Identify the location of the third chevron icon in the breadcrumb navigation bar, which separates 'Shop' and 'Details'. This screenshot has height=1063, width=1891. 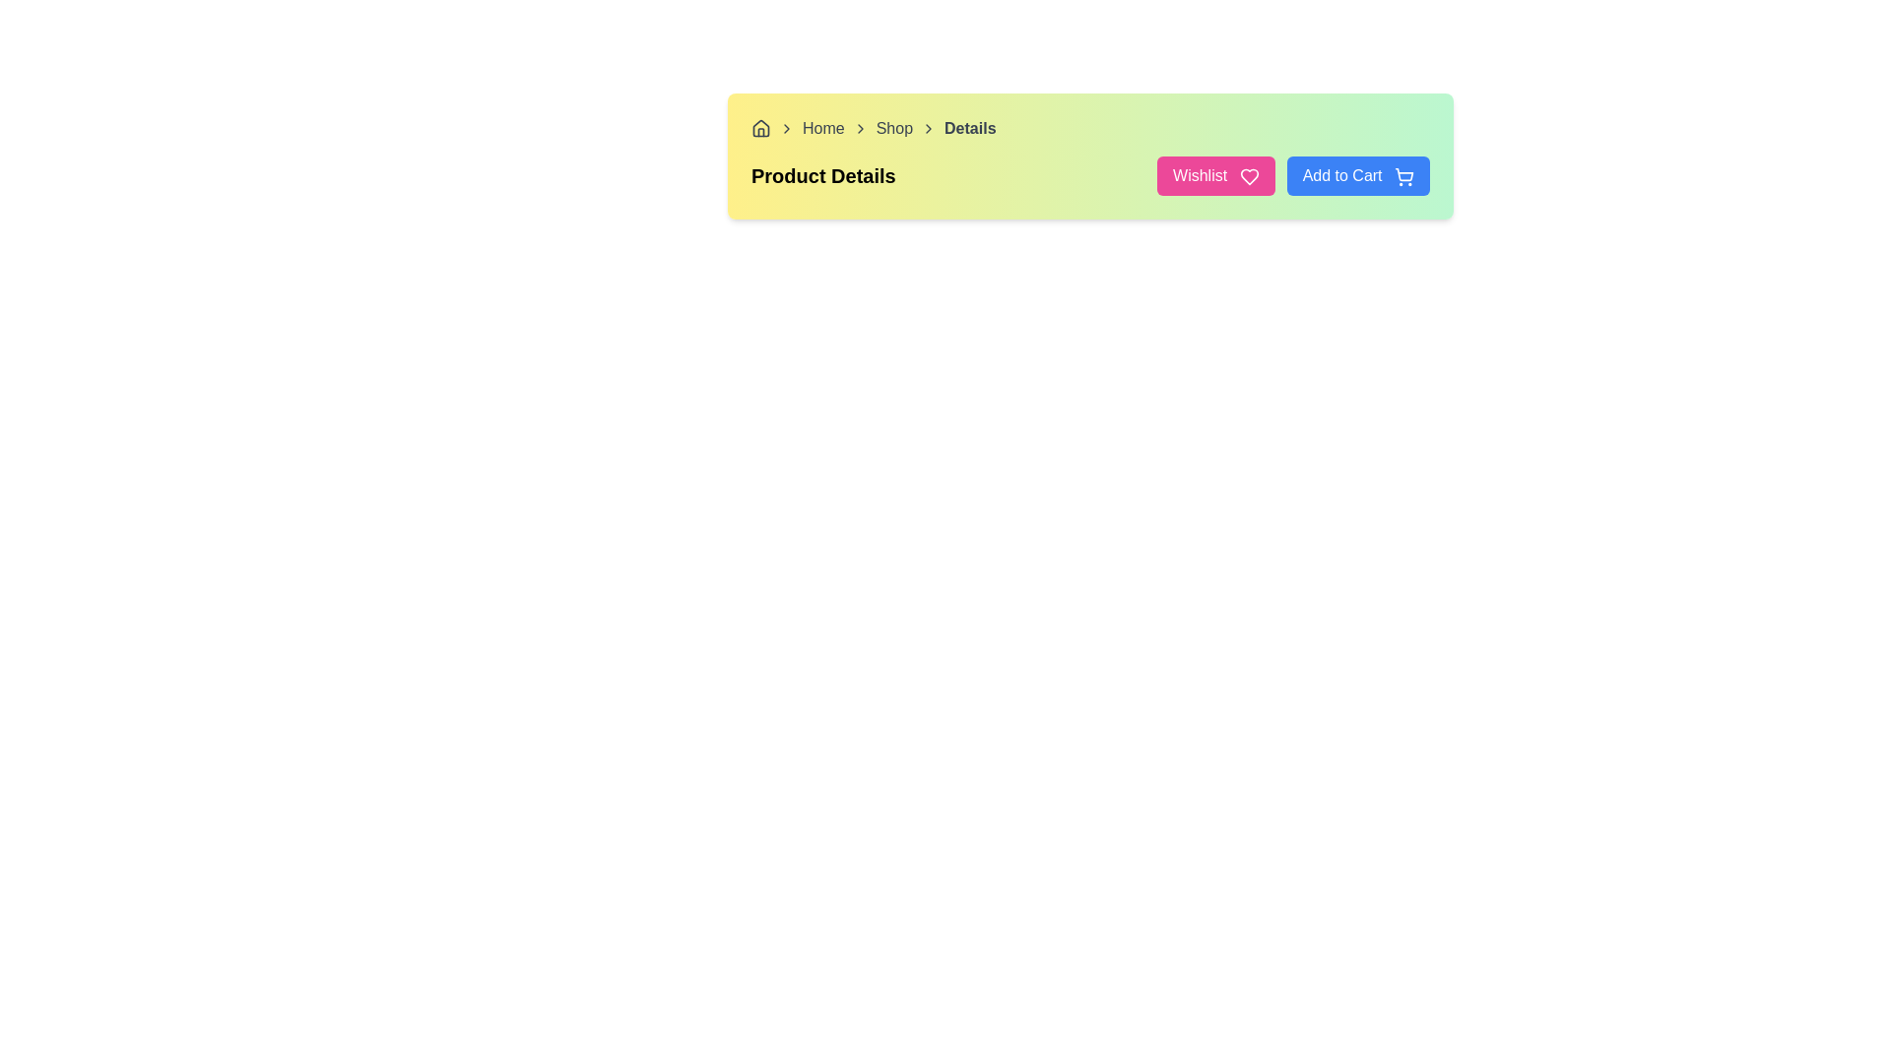
(928, 129).